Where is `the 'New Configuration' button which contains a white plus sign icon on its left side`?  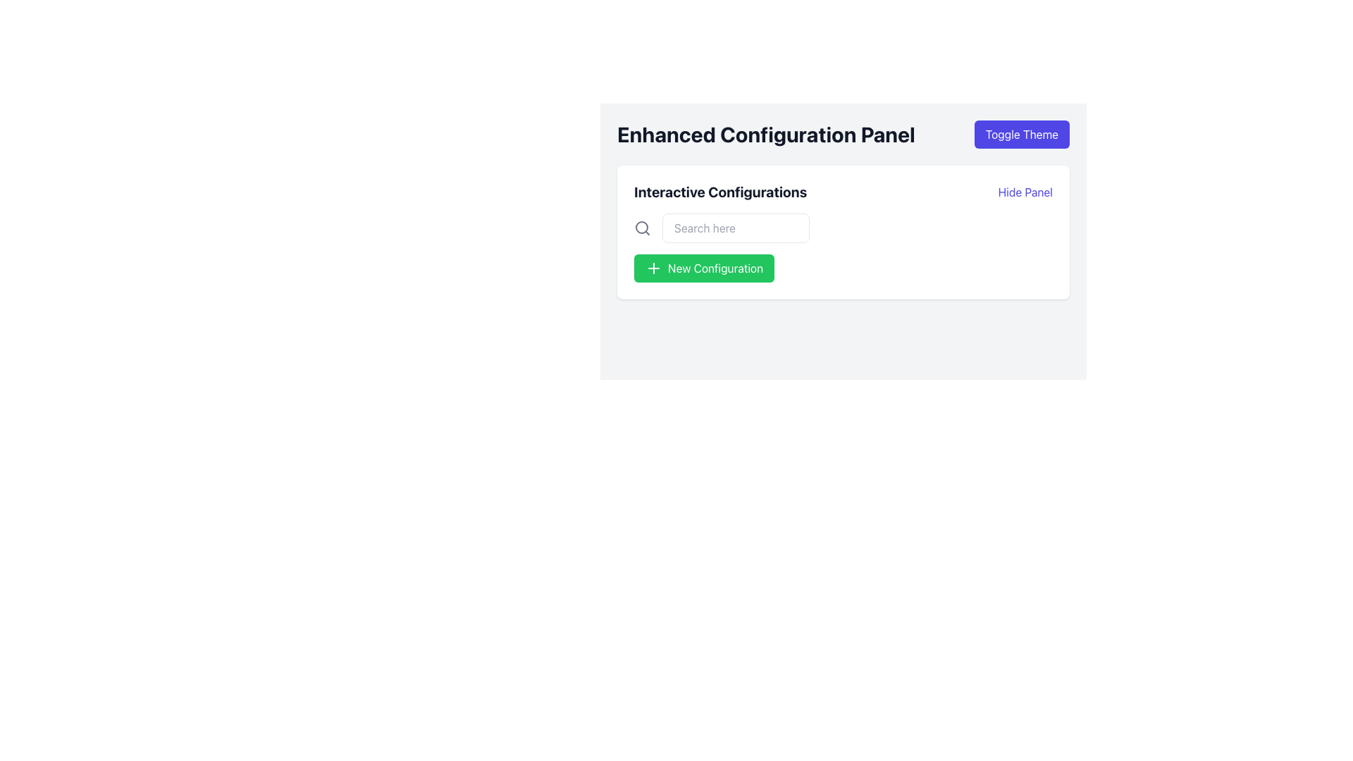
the 'New Configuration' button which contains a white plus sign icon on its left side is located at coordinates (653, 268).